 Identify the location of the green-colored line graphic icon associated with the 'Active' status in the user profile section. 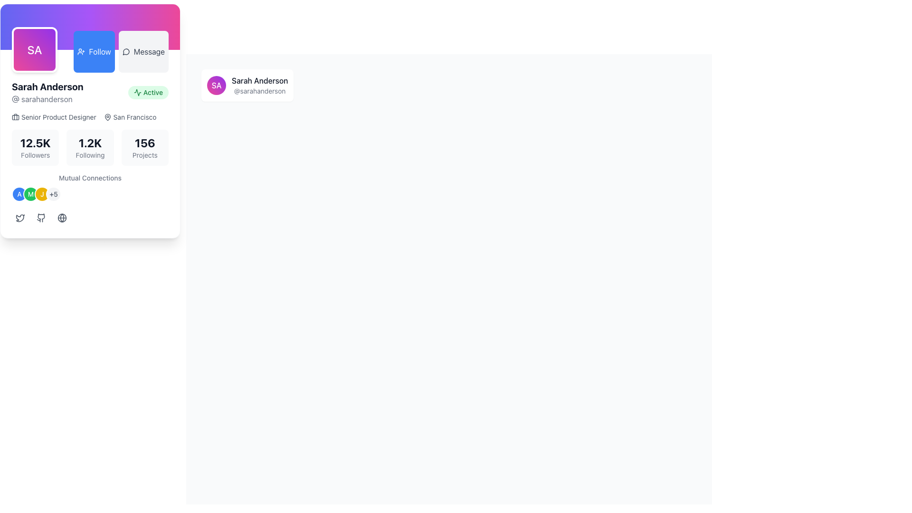
(137, 93).